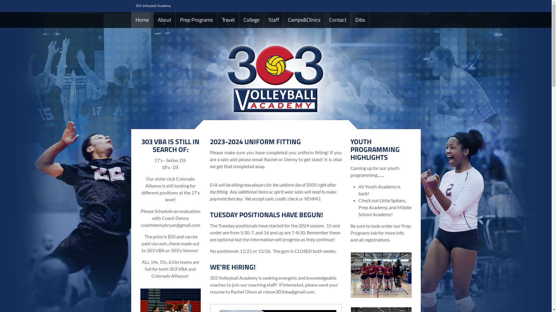  What do you see at coordinates (273, 19) in the screenshot?
I see `'Staff'` at bounding box center [273, 19].